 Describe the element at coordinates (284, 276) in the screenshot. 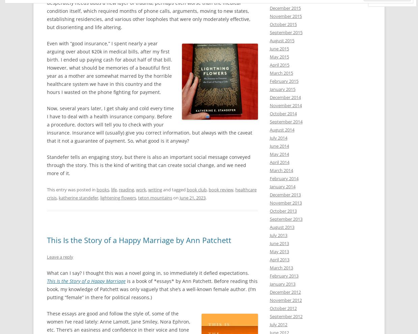

I see `'February 2013'` at that location.